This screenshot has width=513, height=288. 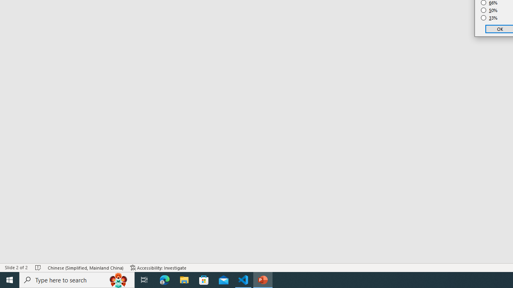 I want to click on '33%', so click(x=489, y=18).